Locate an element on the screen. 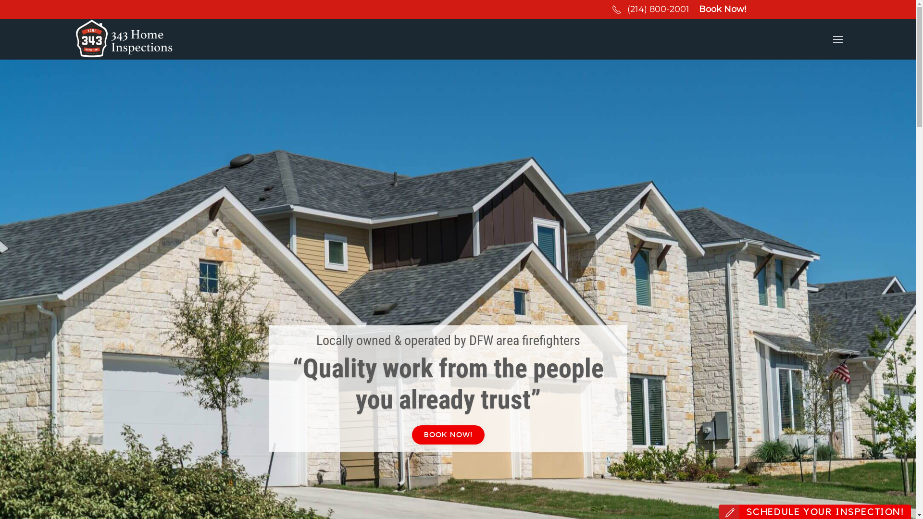  'Book Now!' is located at coordinates (723, 9).